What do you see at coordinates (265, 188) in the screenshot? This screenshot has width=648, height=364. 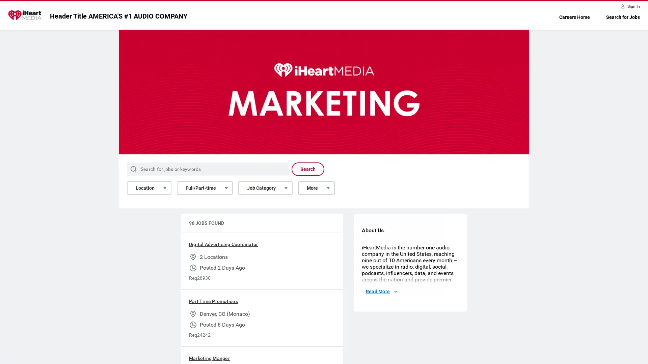 I see `Job Category` at bounding box center [265, 188].